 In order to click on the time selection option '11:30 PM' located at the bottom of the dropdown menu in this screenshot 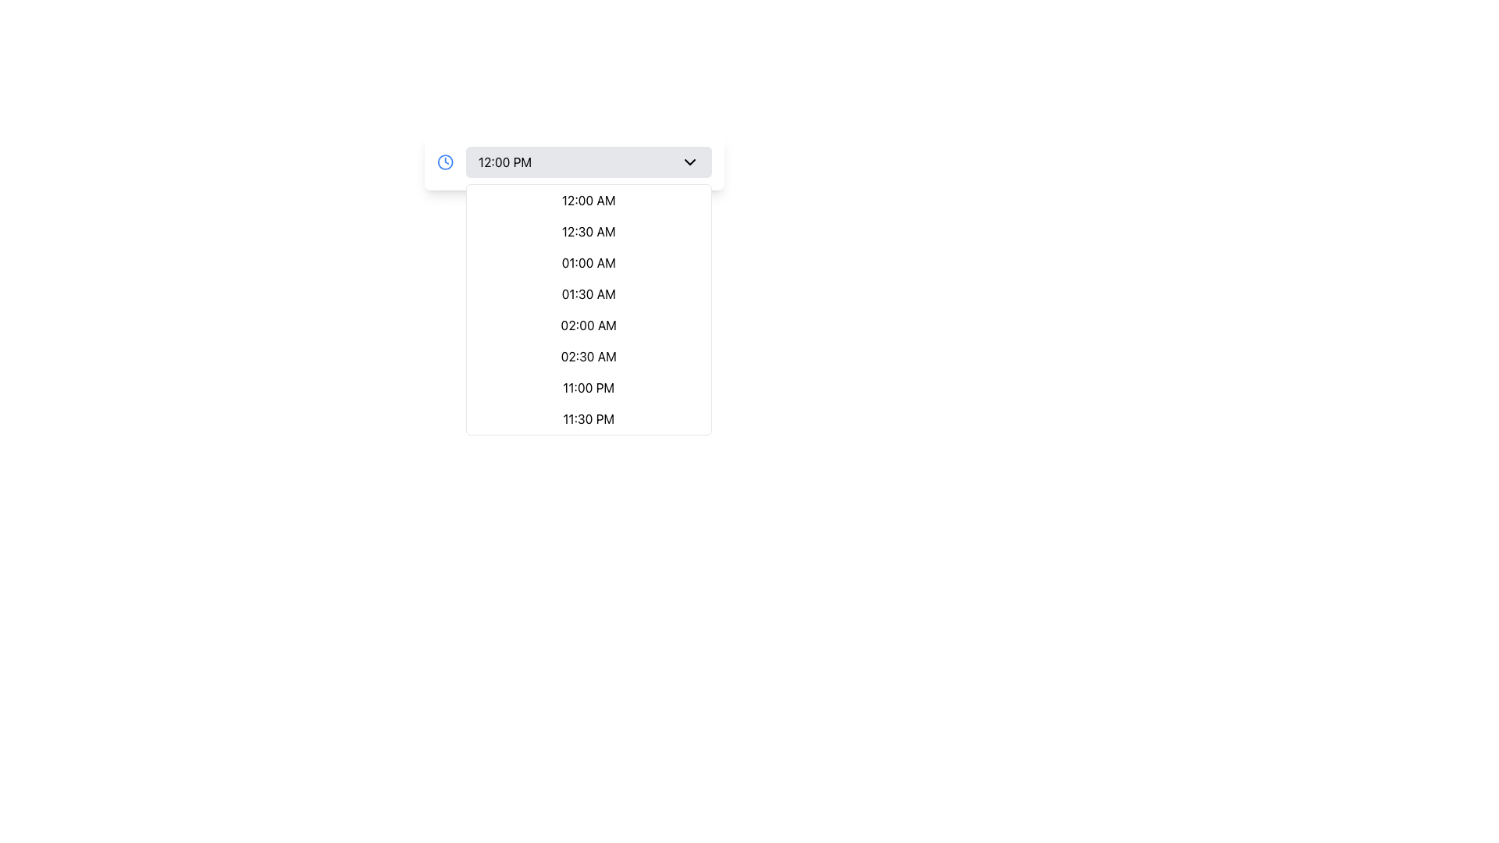, I will do `click(587, 418)`.